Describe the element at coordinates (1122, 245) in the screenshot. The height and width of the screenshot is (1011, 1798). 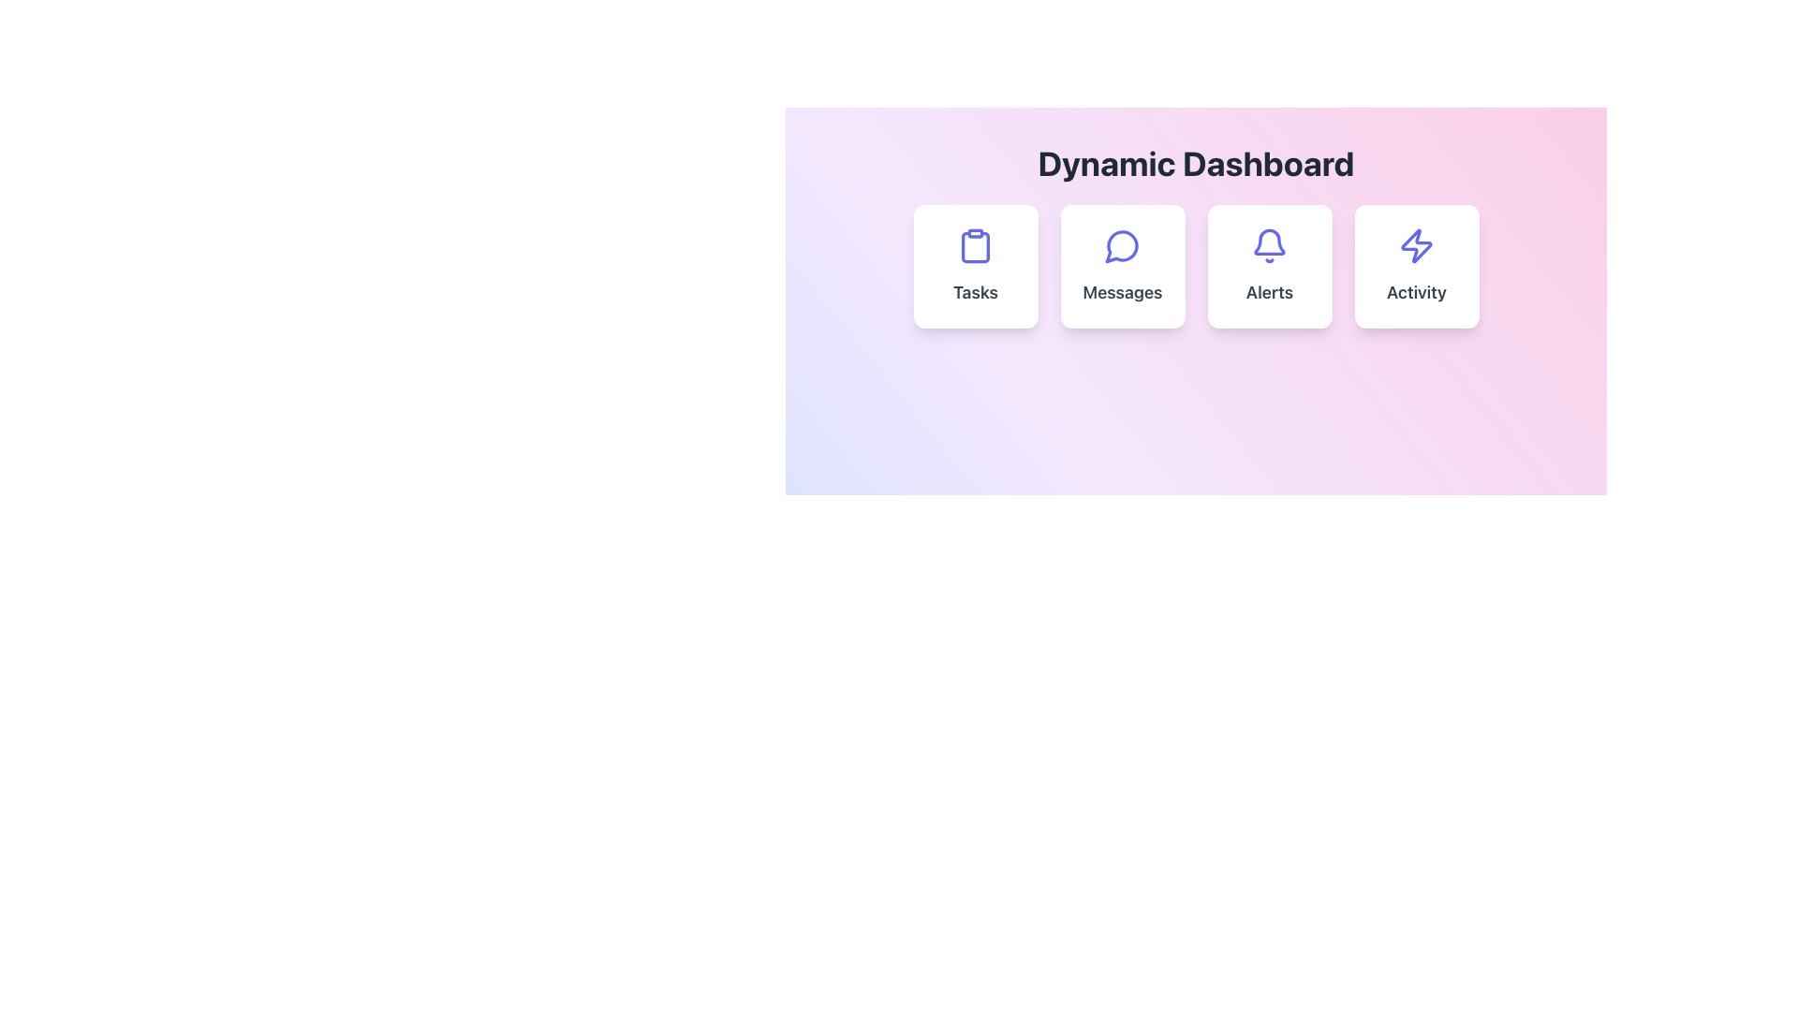
I see `the speech bubble icon representing messages, which is the second element from the left beneath the 'Messages' text` at that location.